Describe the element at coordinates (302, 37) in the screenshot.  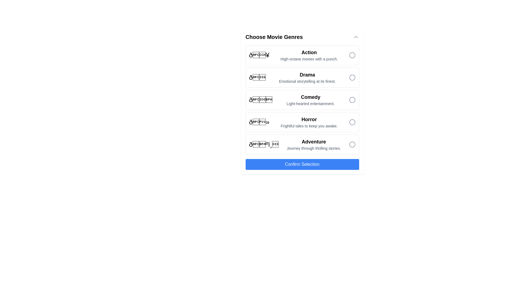
I see `the 'Choose Movie Genres' title header to focus on it, which includes a downward-pointing chevron icon for interaction` at that location.